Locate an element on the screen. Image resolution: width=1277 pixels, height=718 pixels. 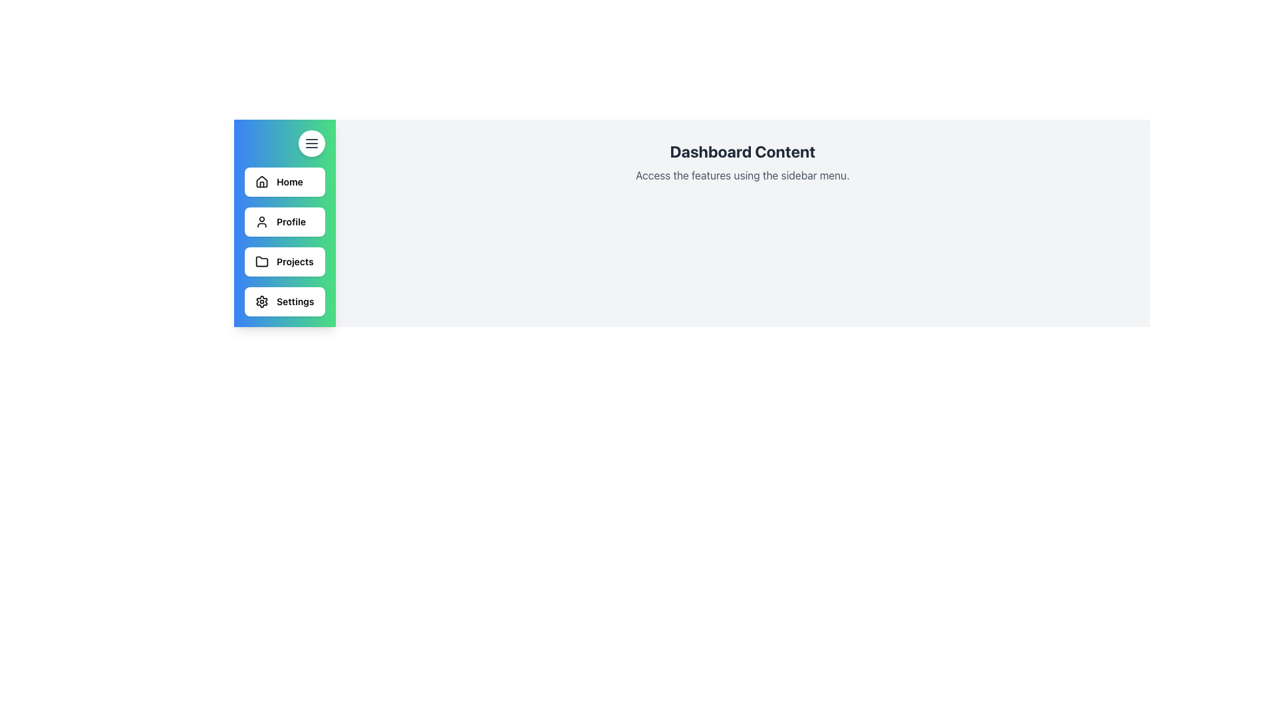
the 'Settings' button is located at coordinates (284, 302).